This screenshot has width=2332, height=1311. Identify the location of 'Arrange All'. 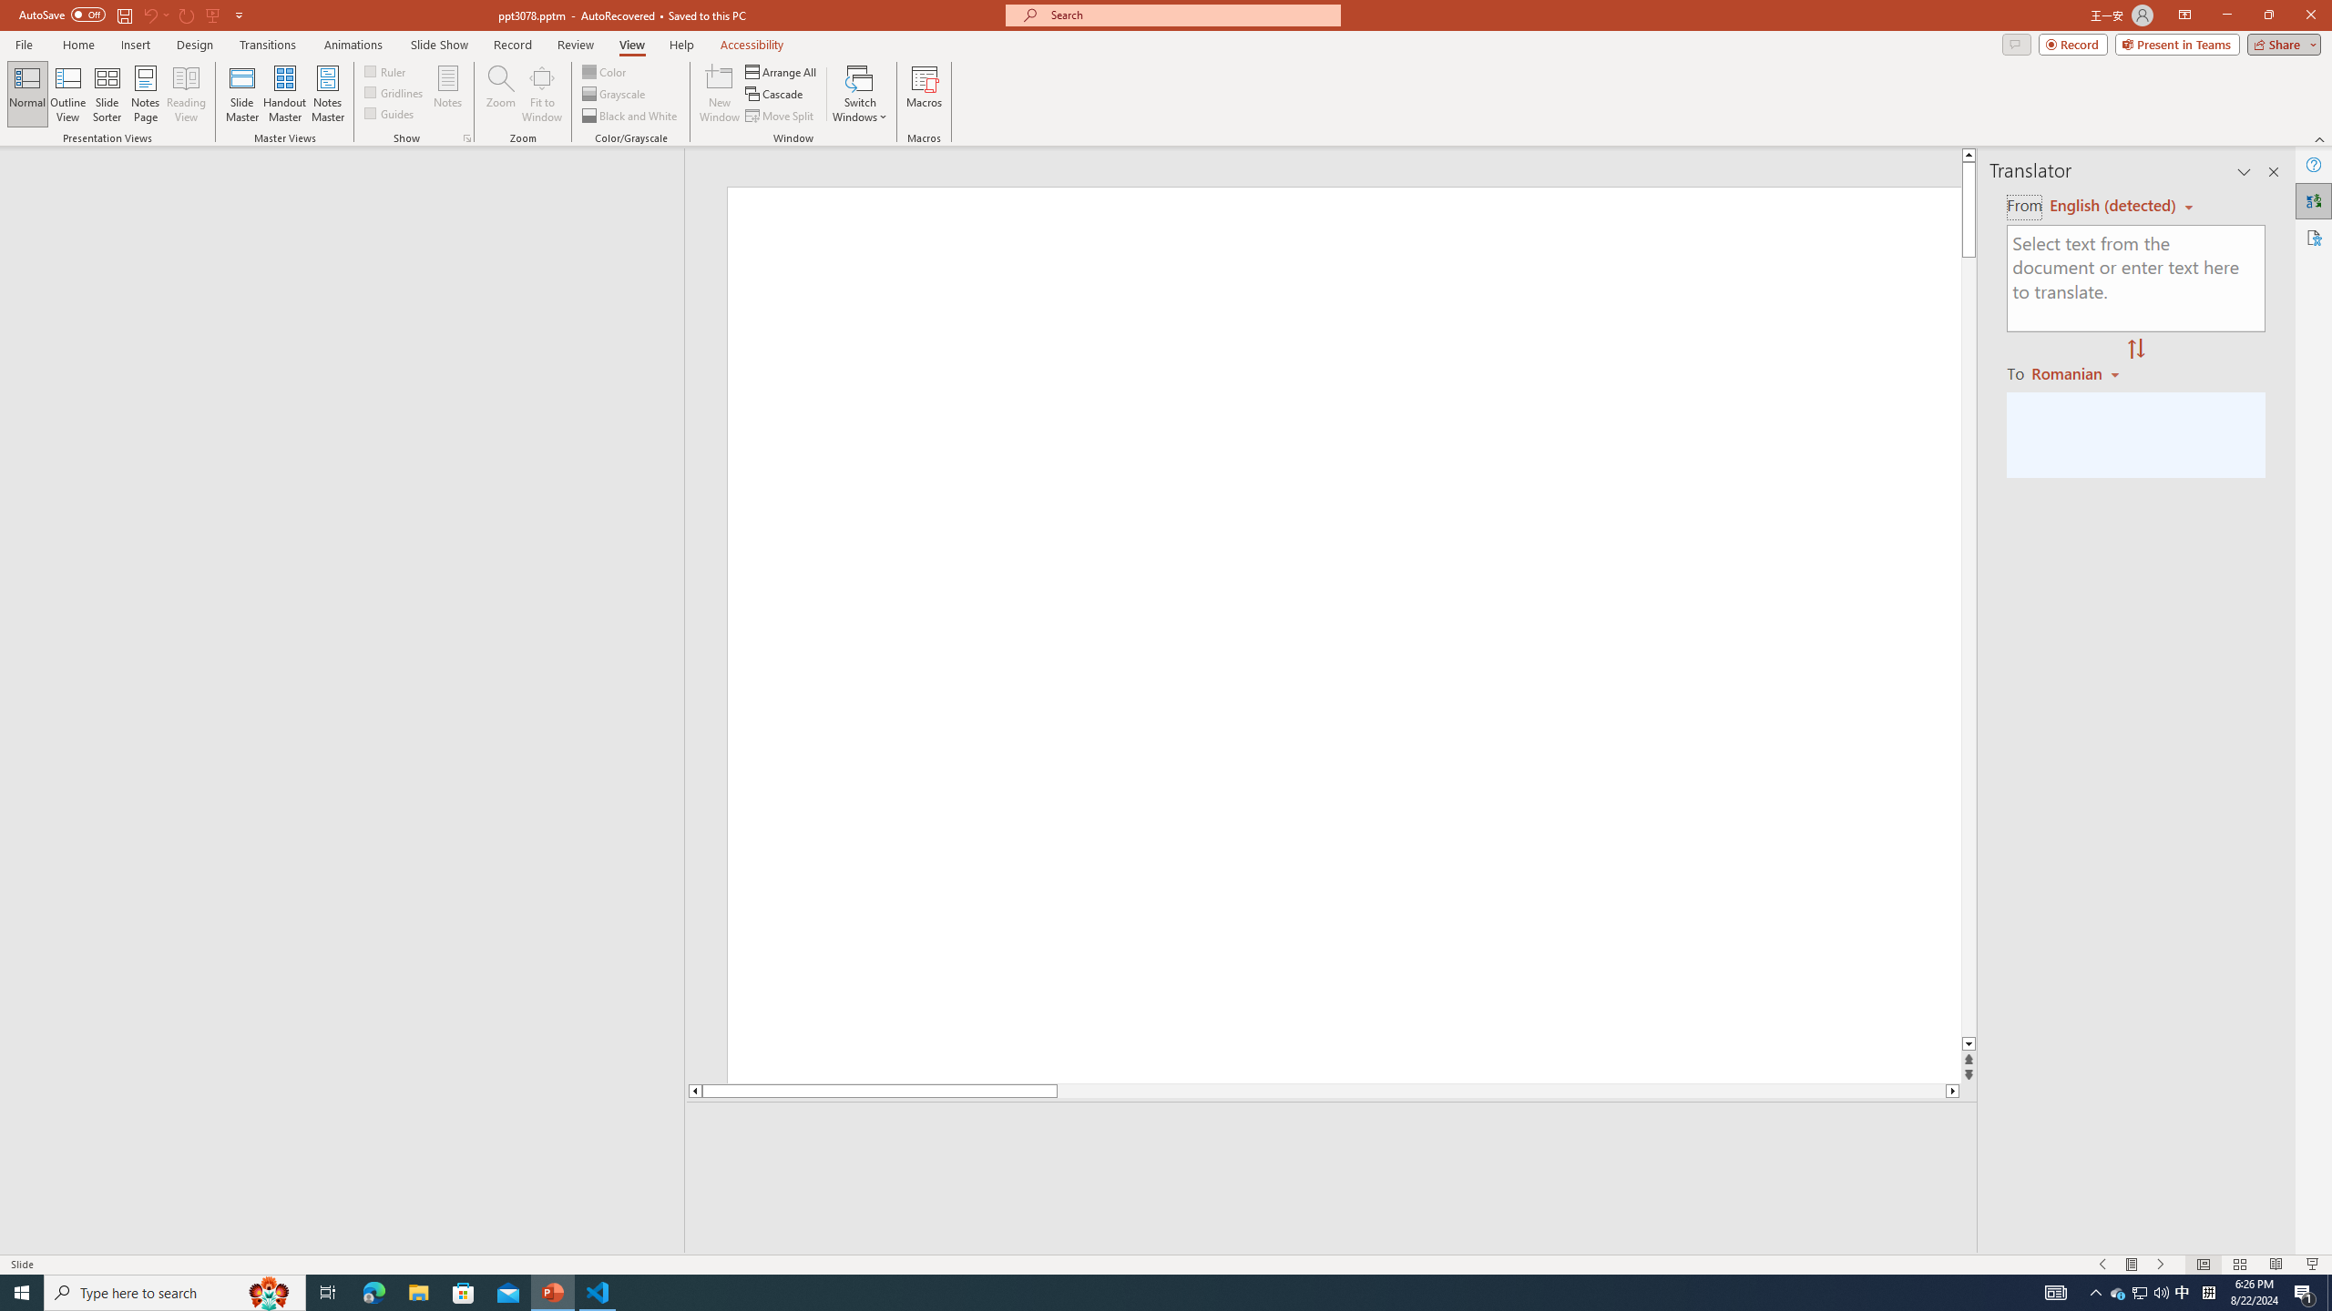
(781, 71).